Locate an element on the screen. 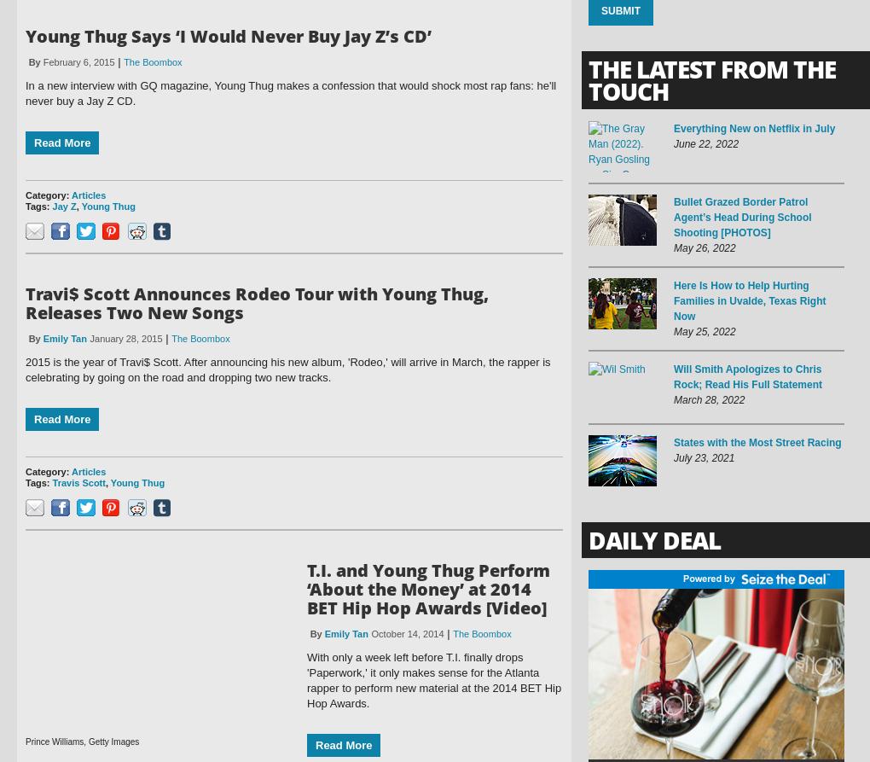 The width and height of the screenshot is (870, 762). 'Here Is How to Help Hurting Families in Uvalde, Texas Right Now' is located at coordinates (749, 301).